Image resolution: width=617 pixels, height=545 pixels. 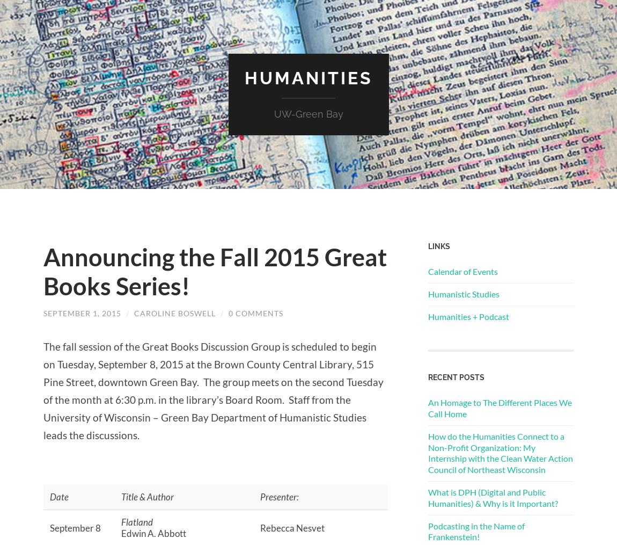 I want to click on 'September 8', so click(x=49, y=527).